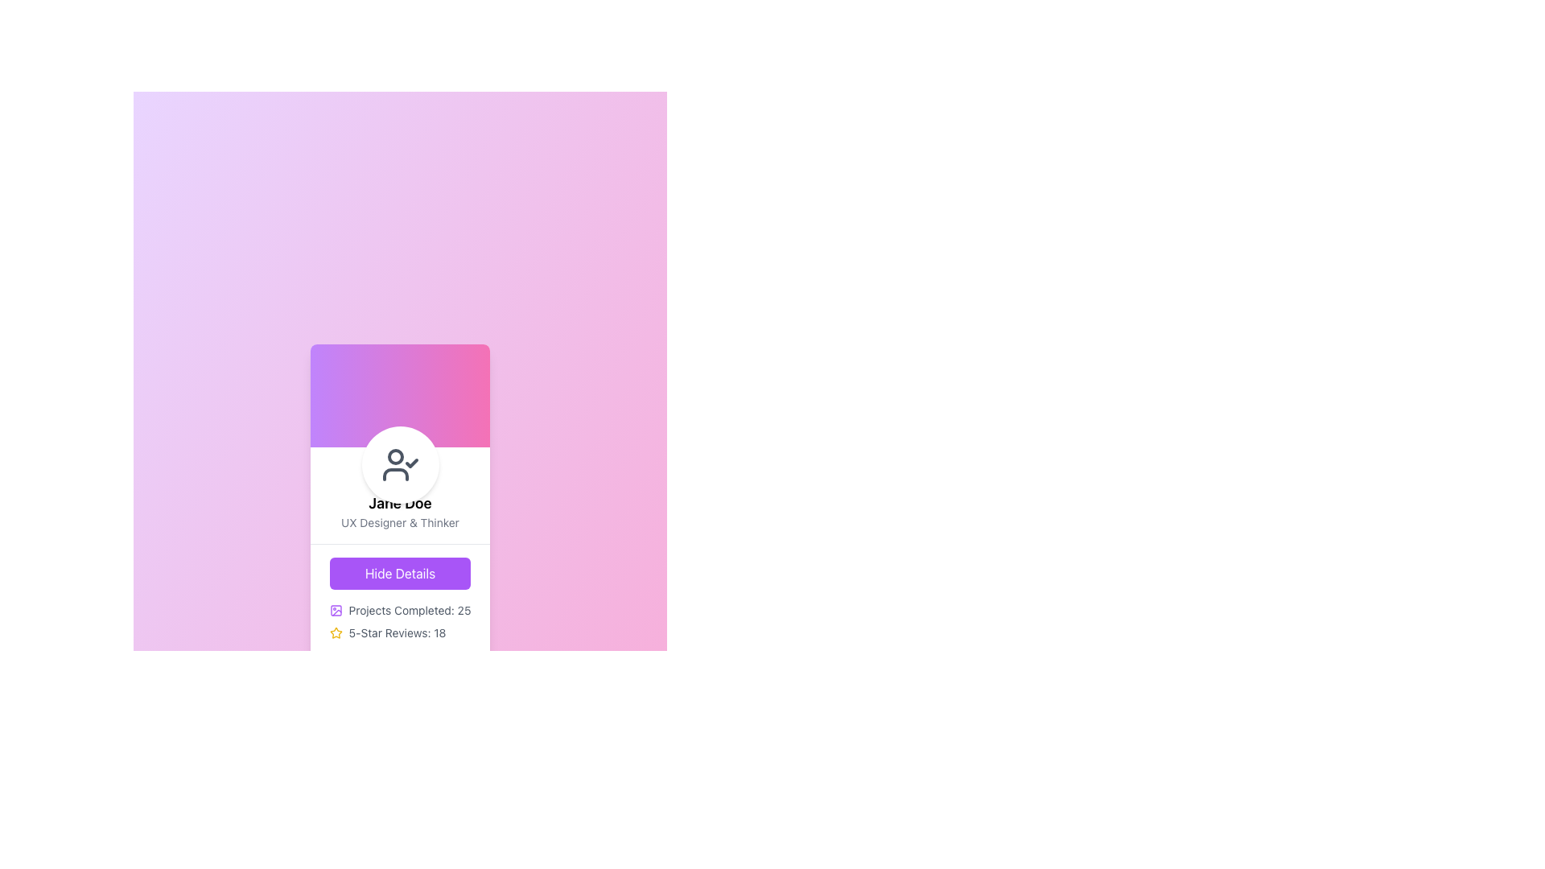 The image size is (1545, 869). What do you see at coordinates (400, 494) in the screenshot?
I see `the Text Display Block that displays the name and professional title of the person in the profile card, located just below the avatar and above the 'Hide Details' button` at bounding box center [400, 494].